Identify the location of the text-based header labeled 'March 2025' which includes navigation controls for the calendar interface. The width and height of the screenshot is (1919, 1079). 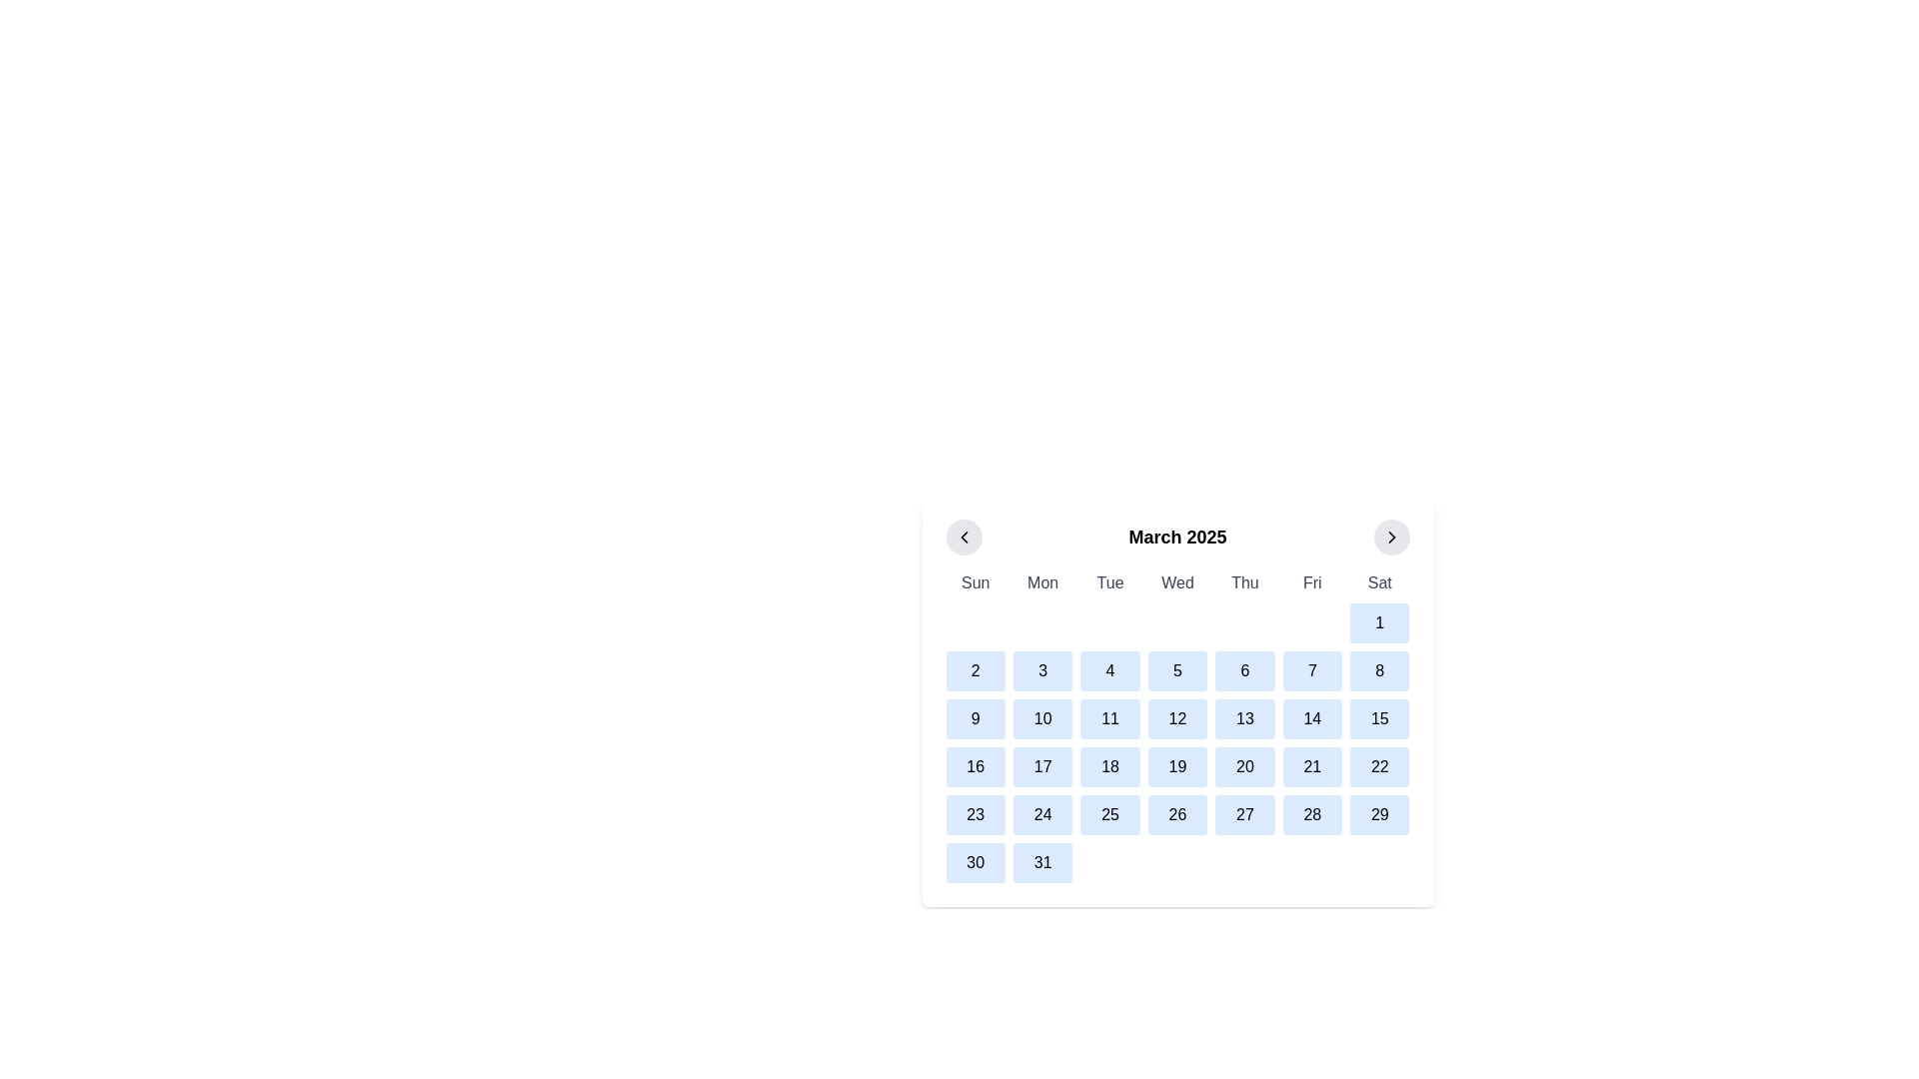
(1177, 536).